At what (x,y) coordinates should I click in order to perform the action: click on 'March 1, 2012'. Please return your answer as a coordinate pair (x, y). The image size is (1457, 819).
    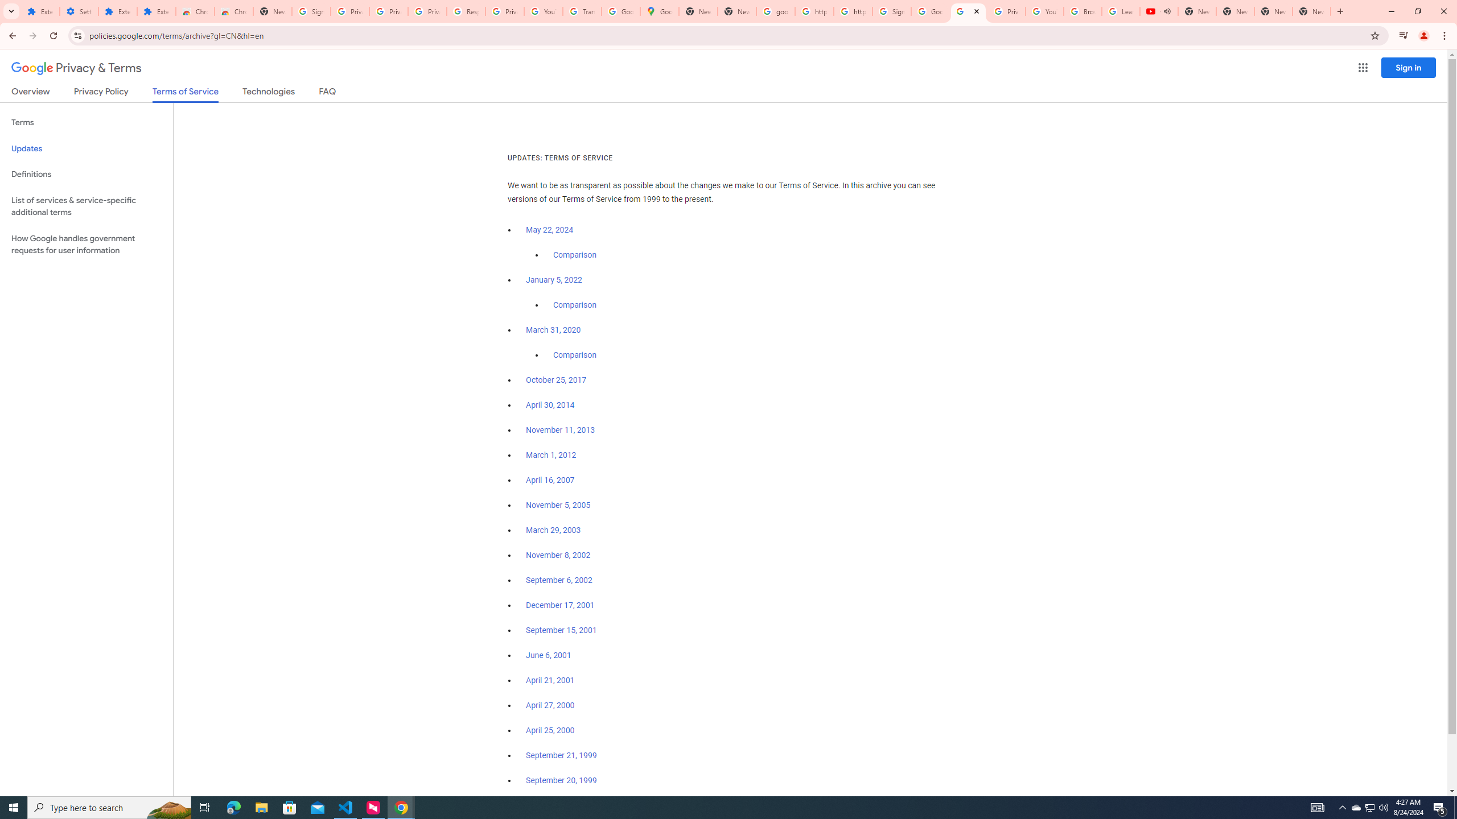
    Looking at the image, I should click on (550, 455).